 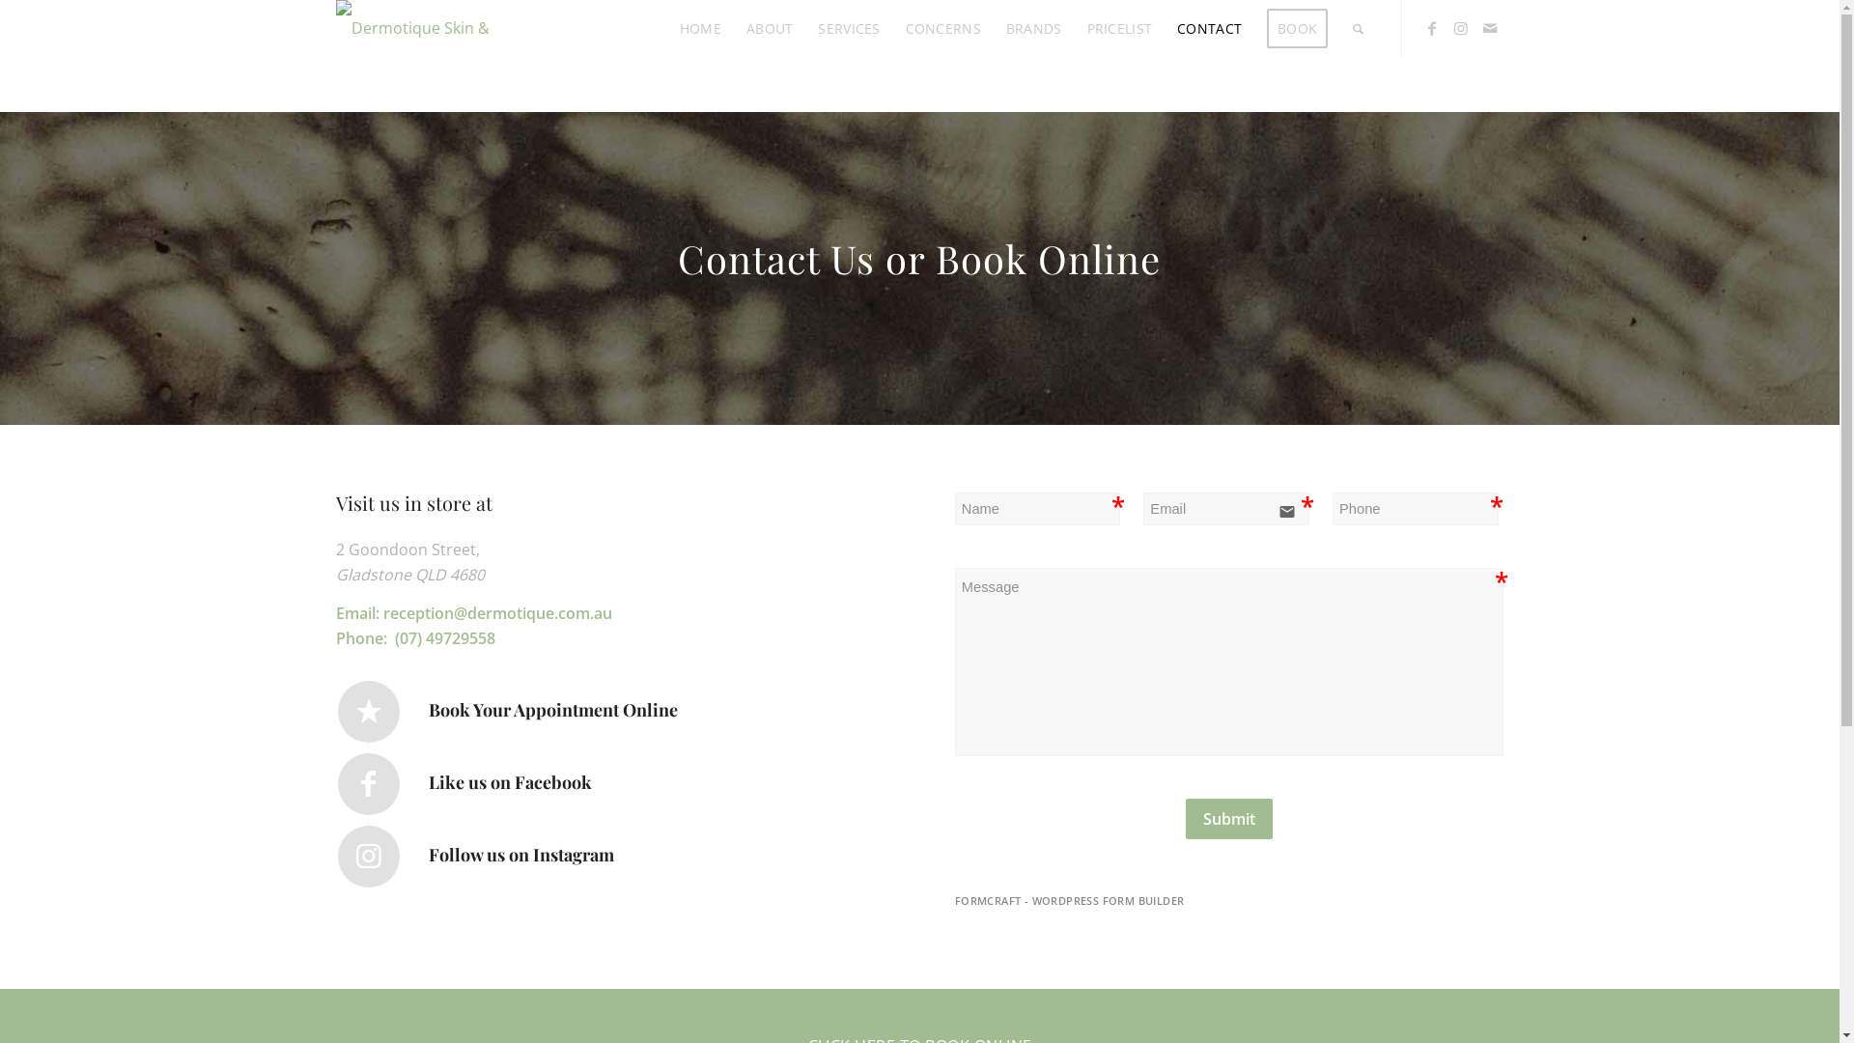 What do you see at coordinates (1032, 28) in the screenshot?
I see `'BRANDS'` at bounding box center [1032, 28].